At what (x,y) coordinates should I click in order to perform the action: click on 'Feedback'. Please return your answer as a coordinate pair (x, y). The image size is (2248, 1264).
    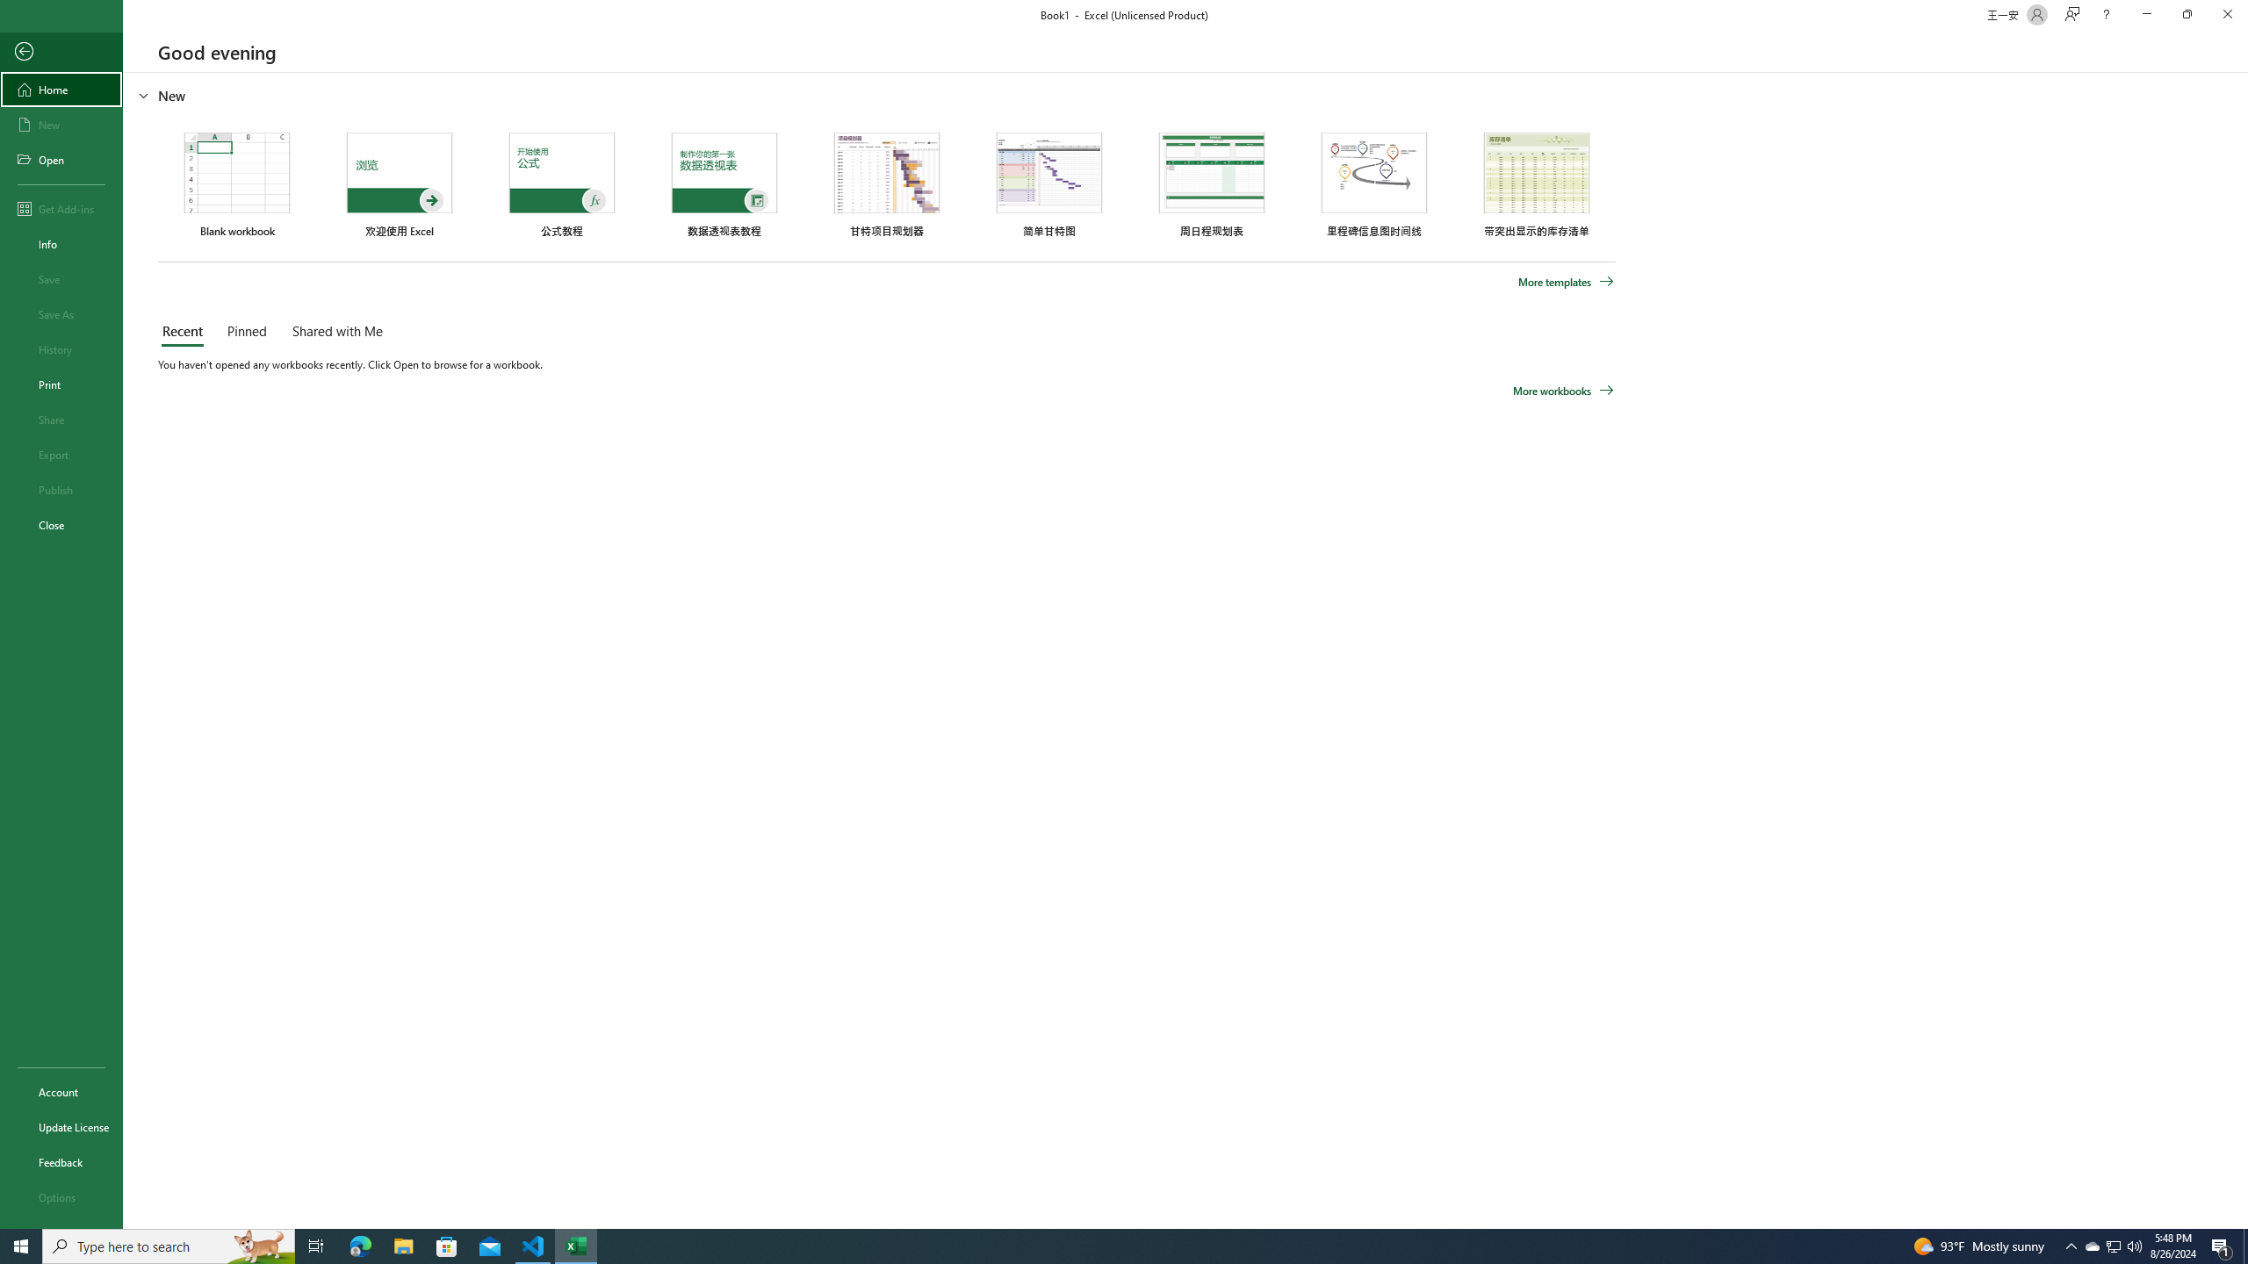
    Looking at the image, I should click on (61, 1162).